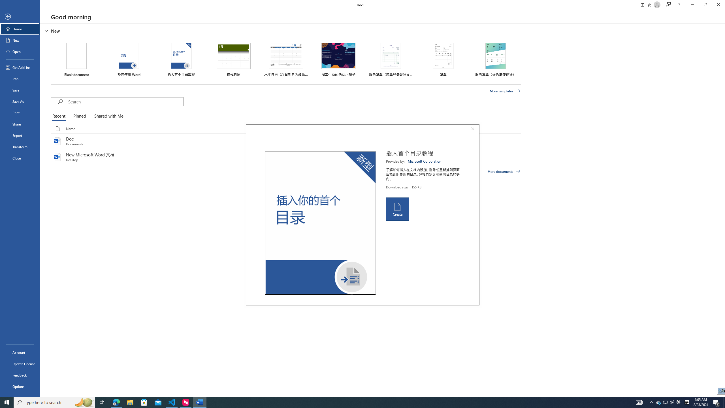 The height and width of the screenshot is (408, 725). I want to click on 'Minimize', so click(692, 5).